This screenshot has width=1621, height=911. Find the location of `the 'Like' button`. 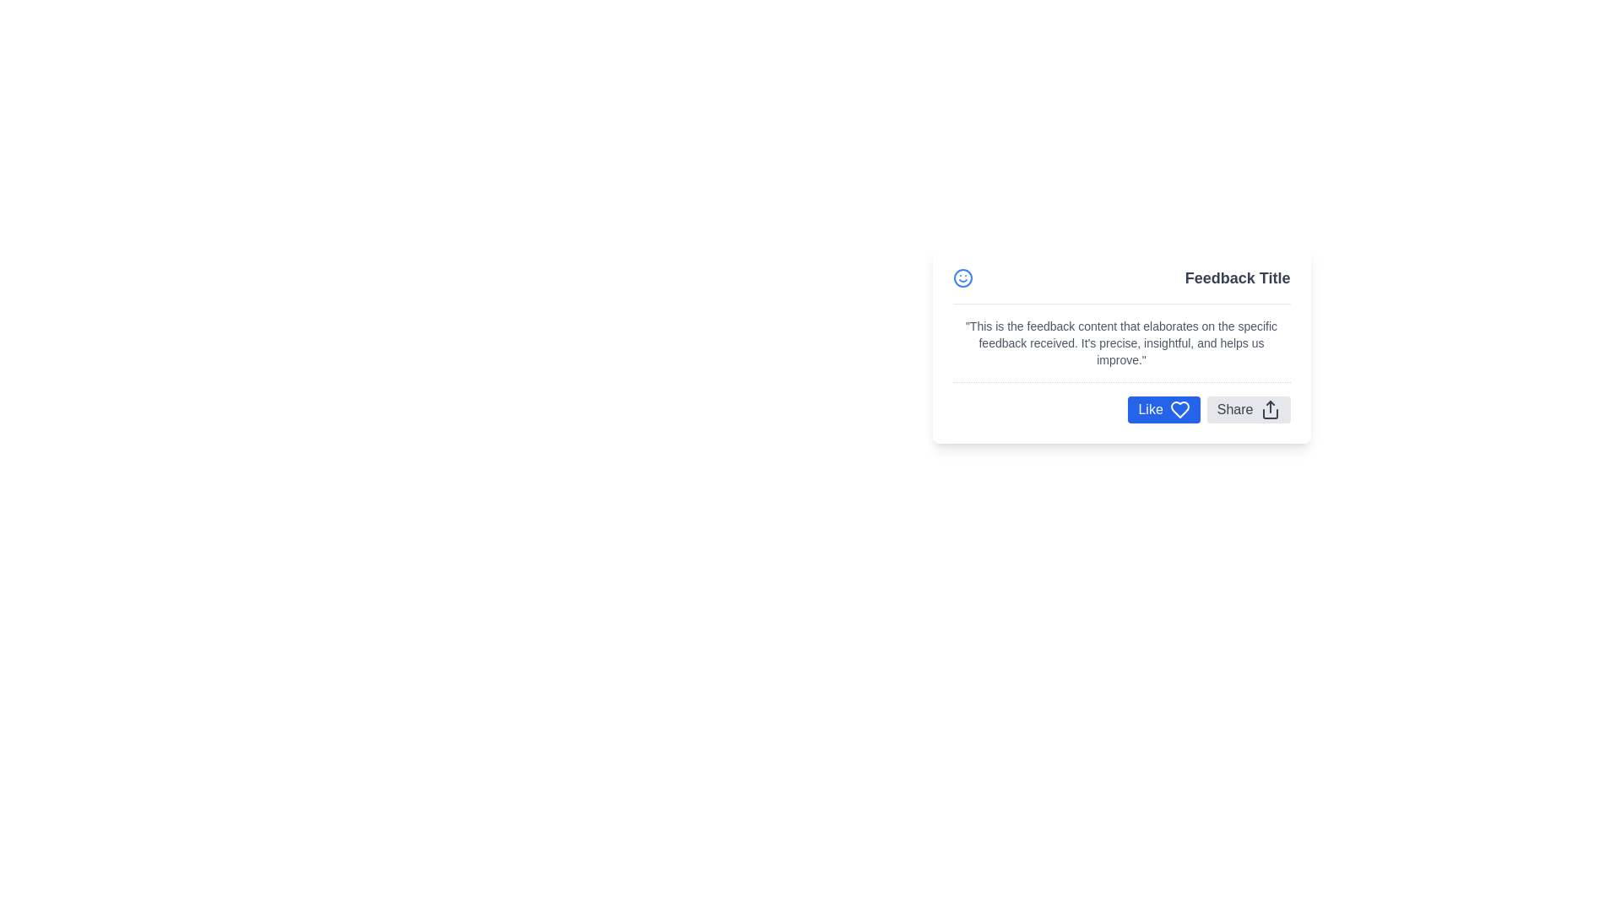

the 'Like' button is located at coordinates (1163, 410).